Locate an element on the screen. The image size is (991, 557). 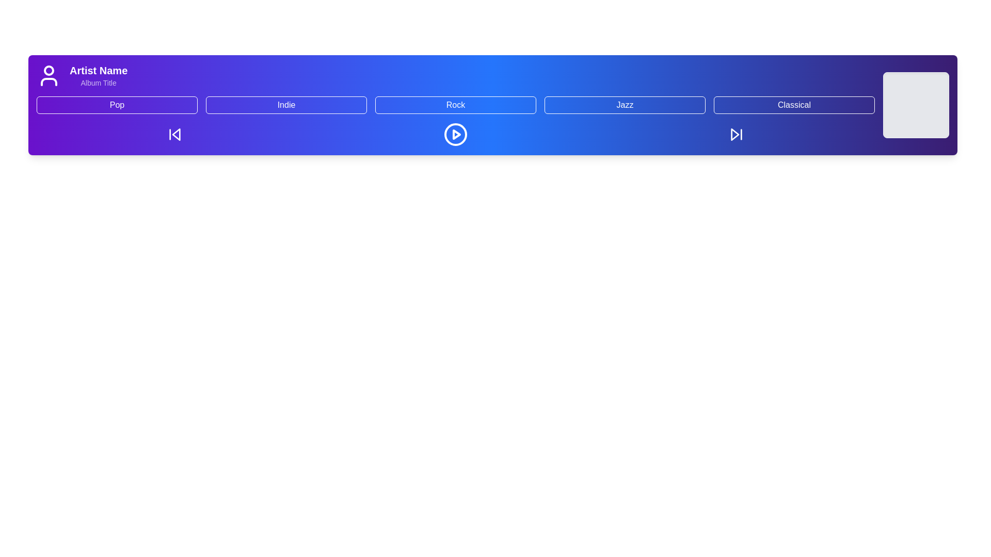
the text label displaying 'Album Title' in light grey, located below 'Artist Name' on a purple background is located at coordinates (99, 83).